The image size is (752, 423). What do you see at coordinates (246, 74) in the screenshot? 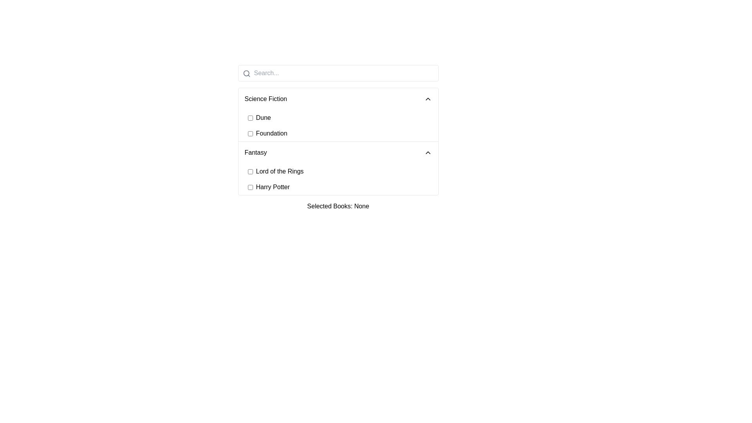
I see `the search icon depicted as a gray magnifying glass located on the left side of the 'Search' text input box` at bounding box center [246, 74].